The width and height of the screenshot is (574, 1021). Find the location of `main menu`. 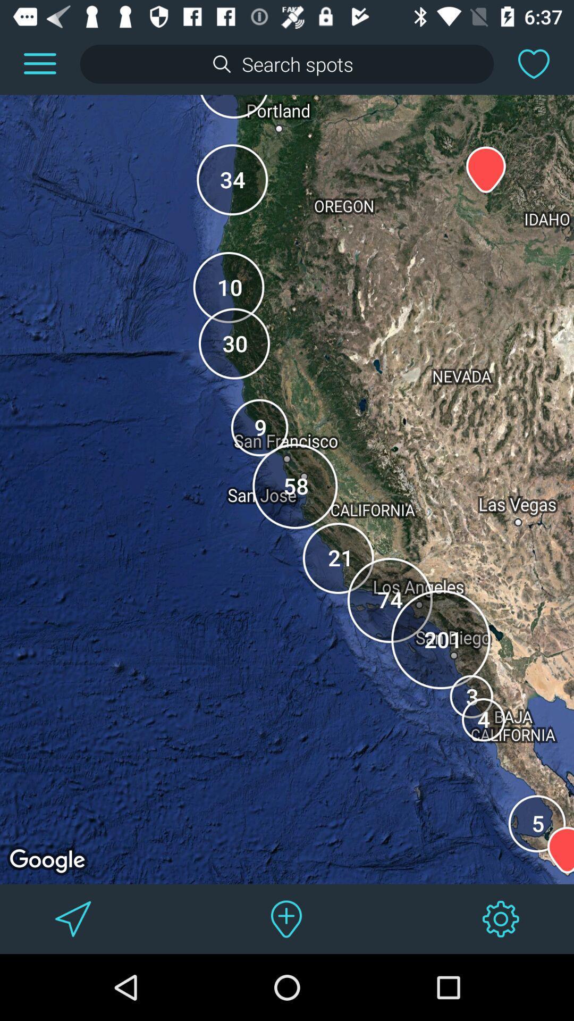

main menu is located at coordinates (39, 63).